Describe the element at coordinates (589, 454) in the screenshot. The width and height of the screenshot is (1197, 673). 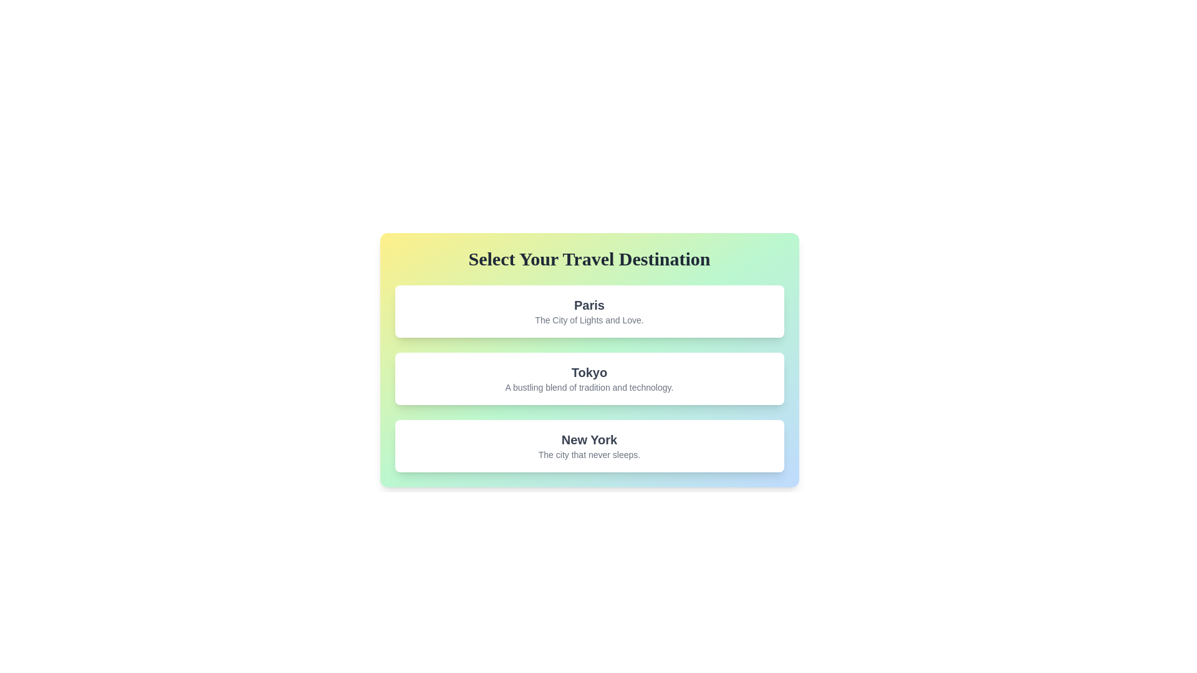
I see `the text element that contains the subtitle 'The city that never sleeps.' positioned under 'New York' in the third option card` at that location.